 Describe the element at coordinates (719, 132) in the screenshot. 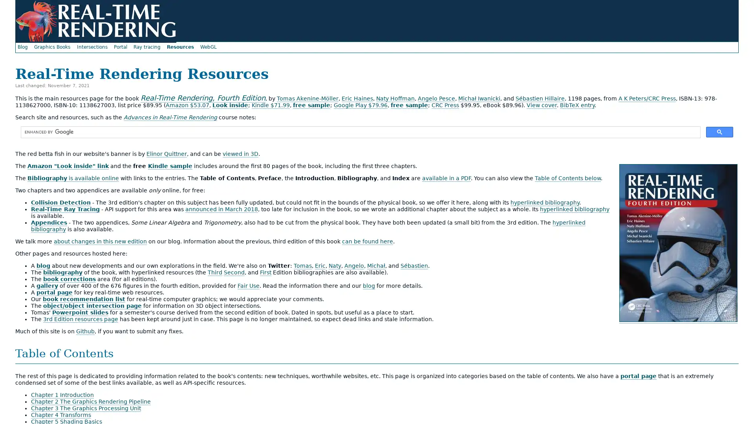

I see `search` at that location.